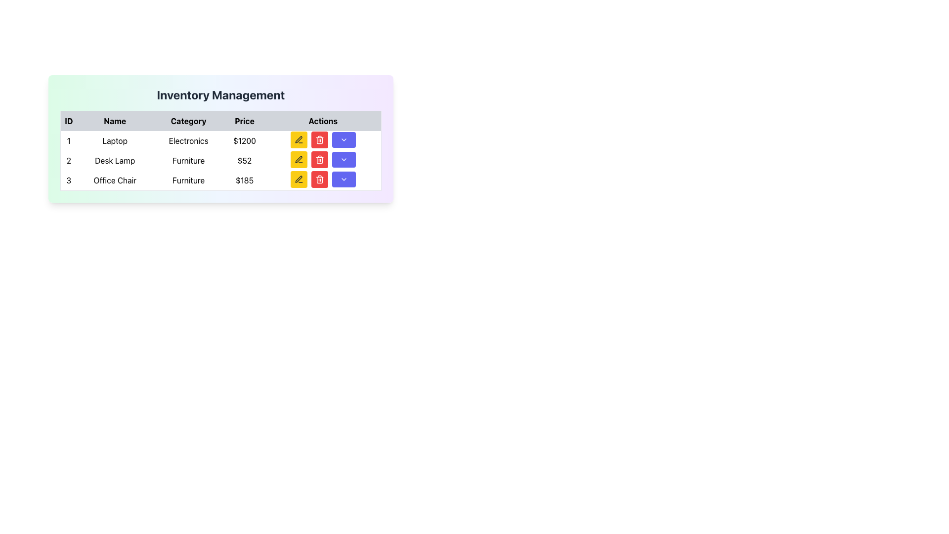 Image resolution: width=949 pixels, height=534 pixels. I want to click on the first button in the 'Actions' column of the first row in the 'Inventory Management' table, so click(298, 139).